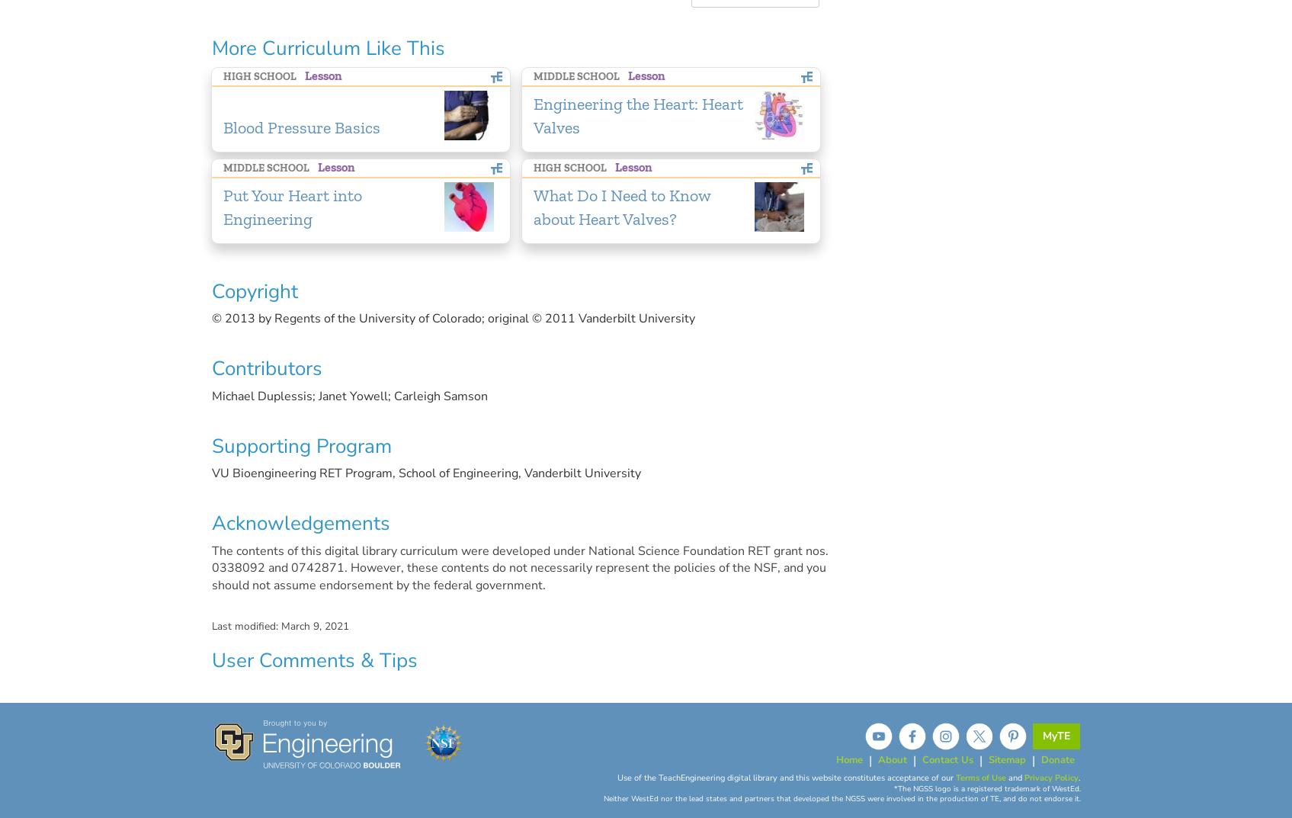 The width and height of the screenshot is (1292, 818). I want to click on 'Put Your Heart into Engineering', so click(223, 206).